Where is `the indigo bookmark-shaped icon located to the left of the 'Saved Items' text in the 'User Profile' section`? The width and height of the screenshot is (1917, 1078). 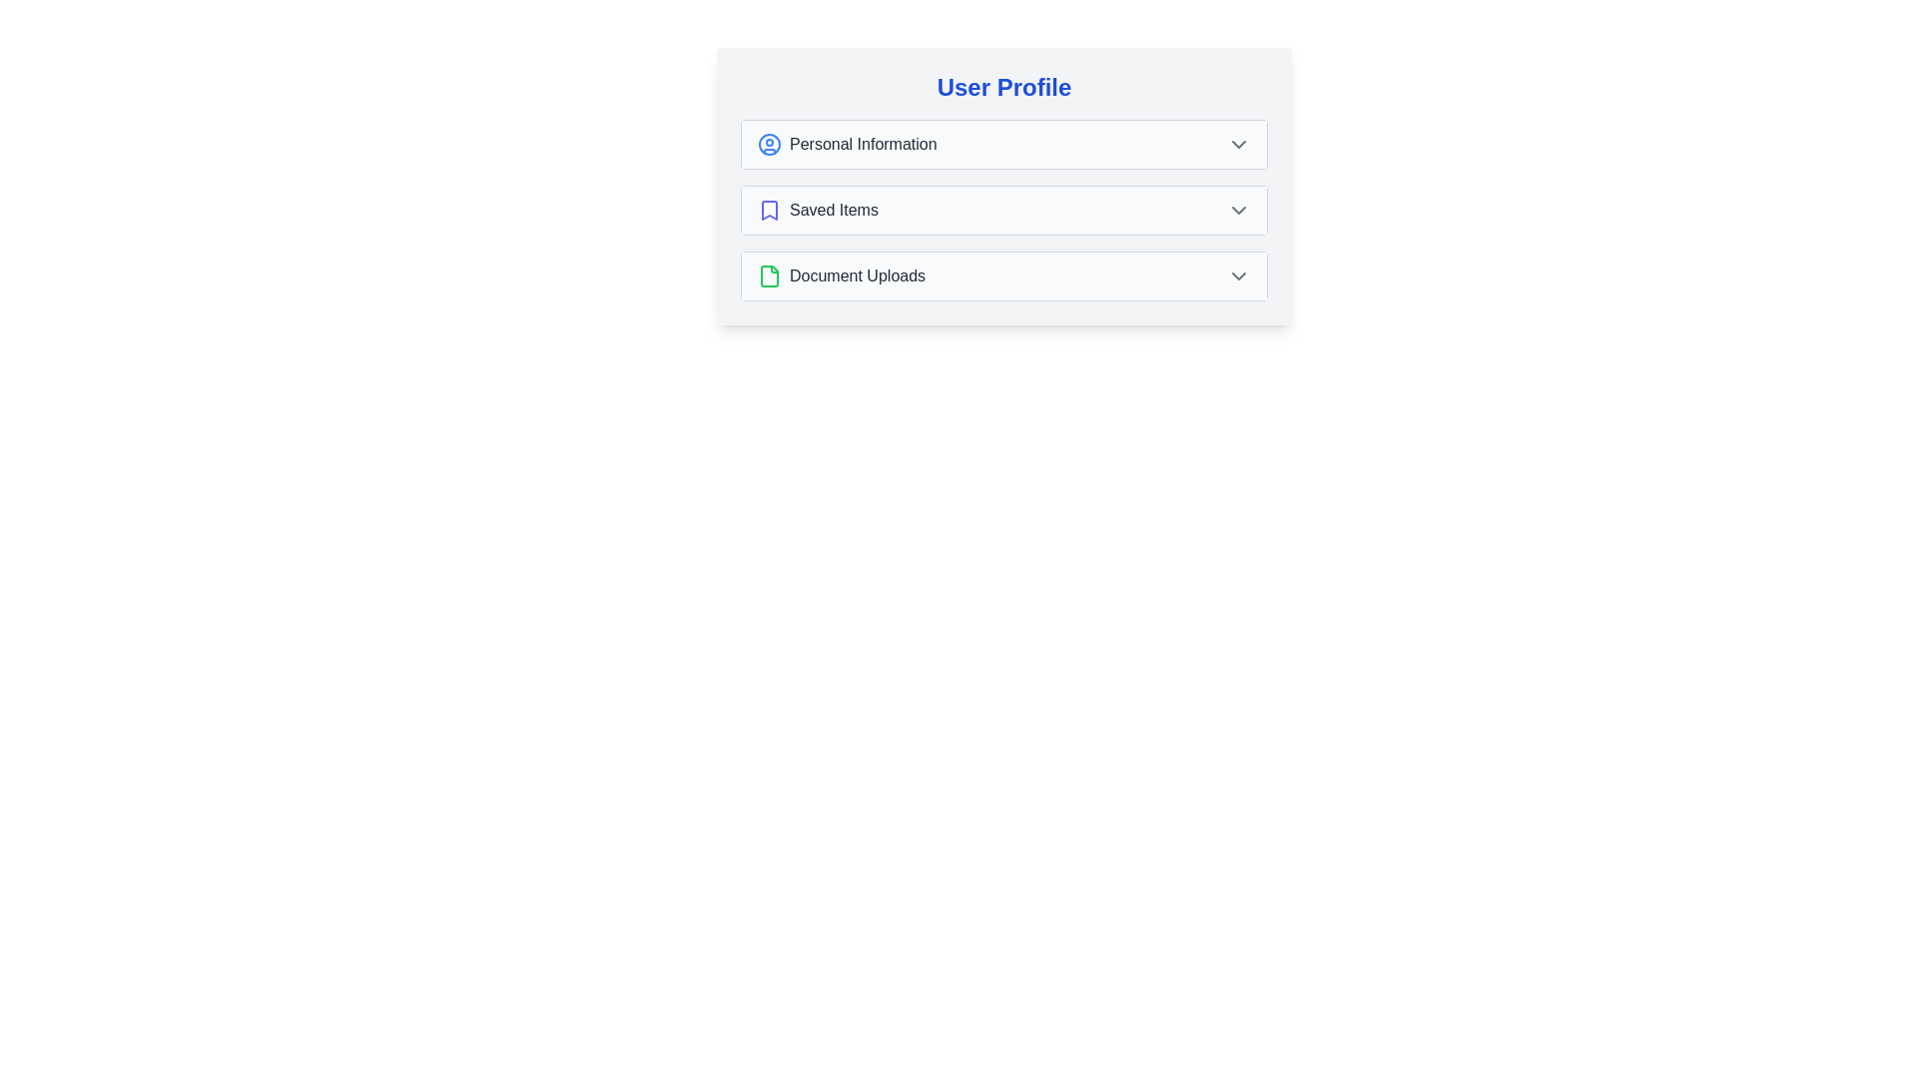 the indigo bookmark-shaped icon located to the left of the 'Saved Items' text in the 'User Profile' section is located at coordinates (769, 211).